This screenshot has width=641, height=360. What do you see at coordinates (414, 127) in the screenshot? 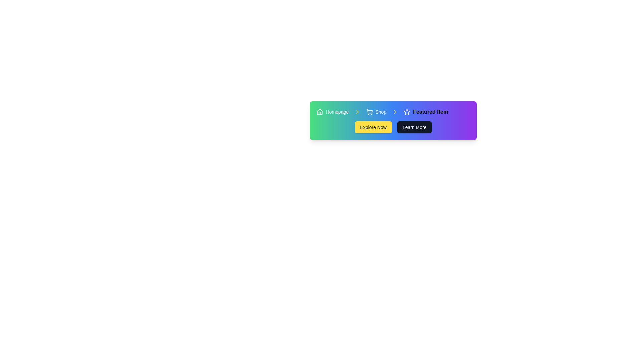
I see `the 'Learn More' button, which is a rectangular button with a dark gray background and white text, located at the bottom right corner of a colorful navigation banner` at bounding box center [414, 127].